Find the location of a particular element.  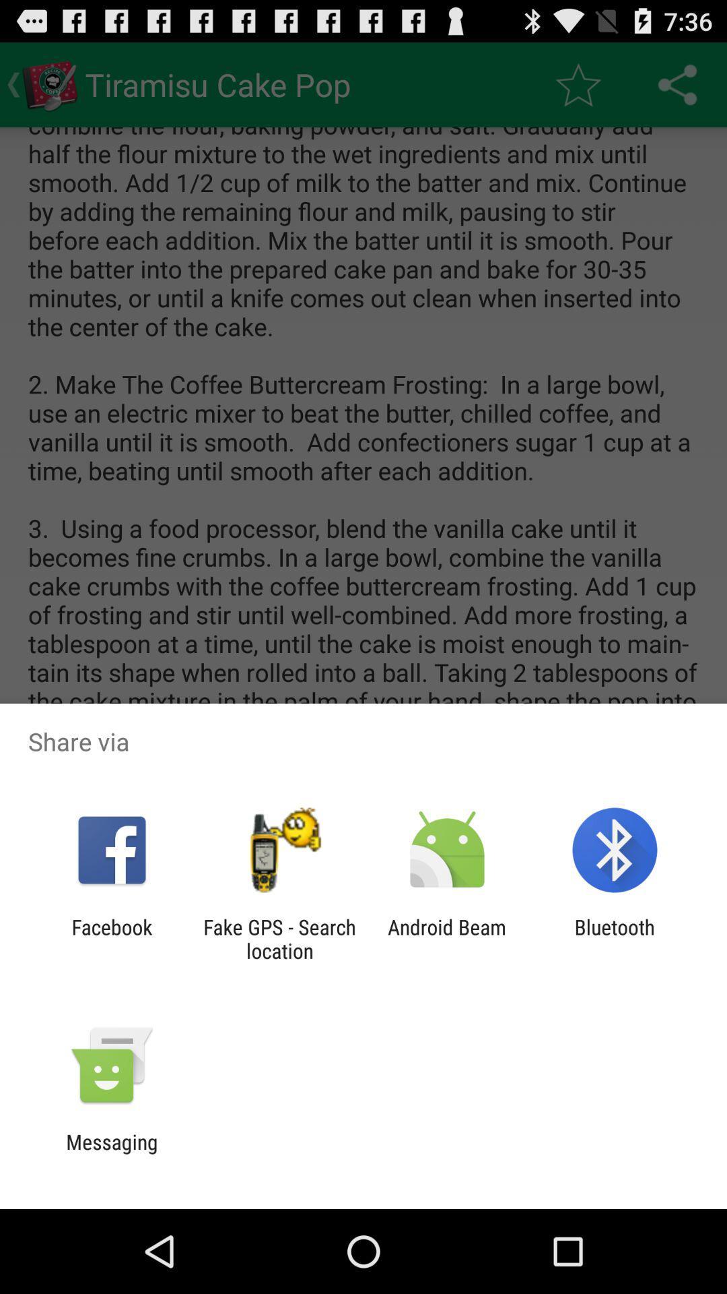

messaging item is located at coordinates (111, 1153).